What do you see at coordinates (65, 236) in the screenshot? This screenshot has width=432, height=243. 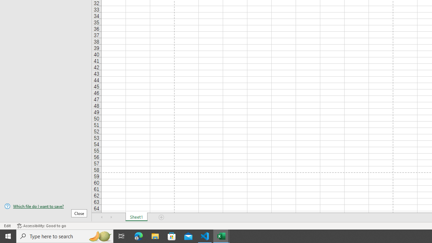 I see `'Type here to search'` at bounding box center [65, 236].